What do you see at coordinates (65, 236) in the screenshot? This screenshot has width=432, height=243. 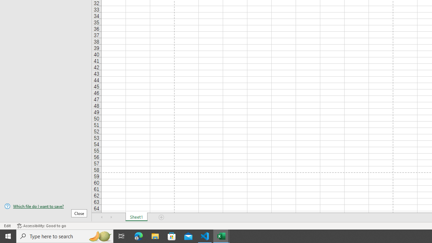 I see `'Type here to search'` at bounding box center [65, 236].